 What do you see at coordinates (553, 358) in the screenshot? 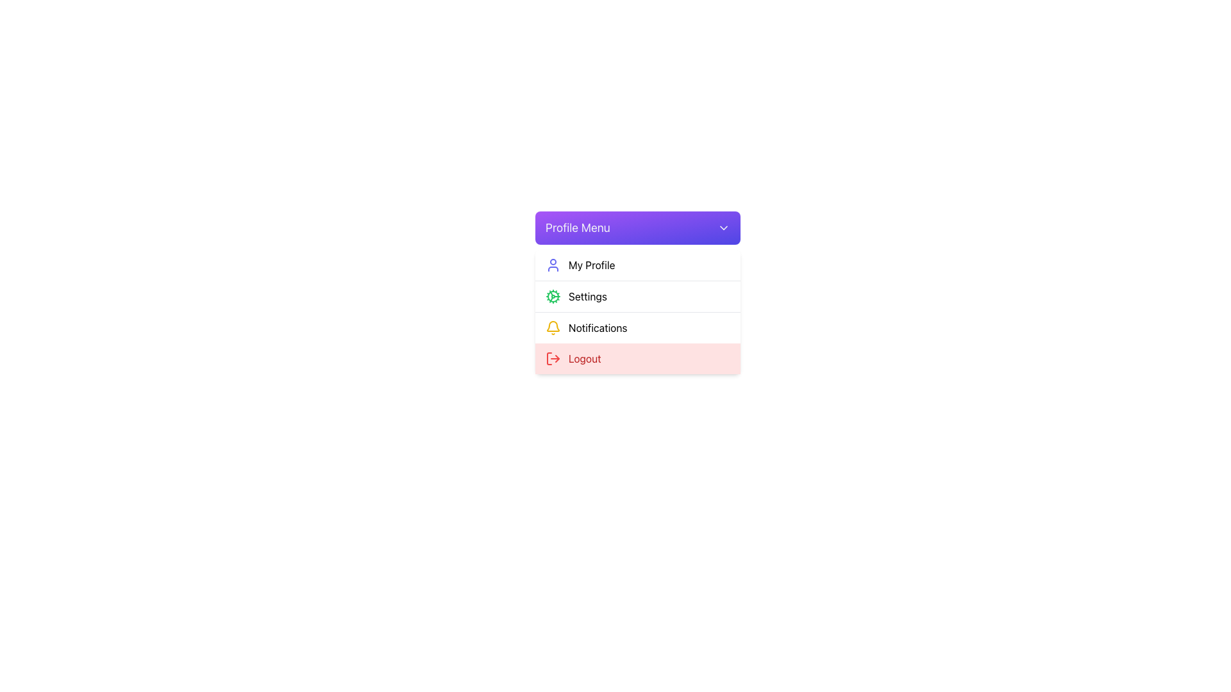
I see `the log-out icon, which is styled with a red color and located at the bottom of the dropdown list menu, to potentially display a tooltip` at bounding box center [553, 358].